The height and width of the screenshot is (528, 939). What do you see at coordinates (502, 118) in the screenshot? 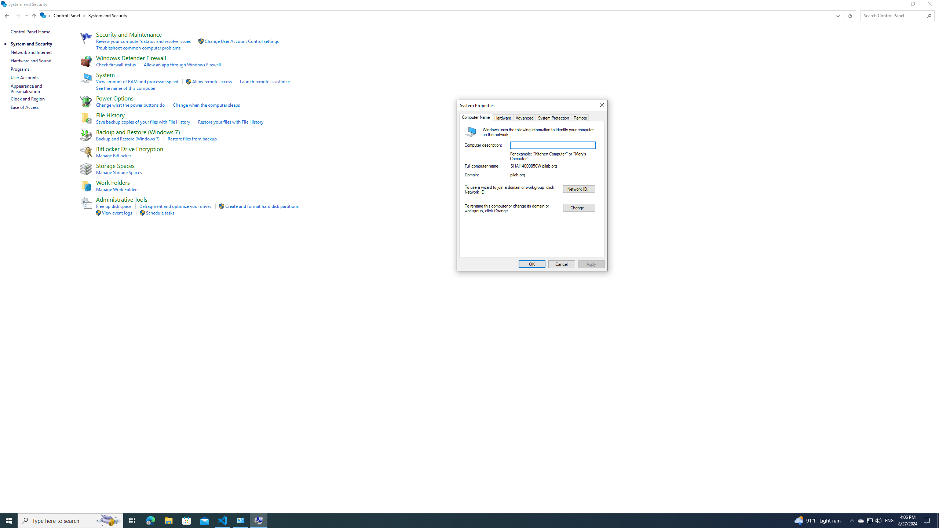
I see `'Hardware'` at bounding box center [502, 118].